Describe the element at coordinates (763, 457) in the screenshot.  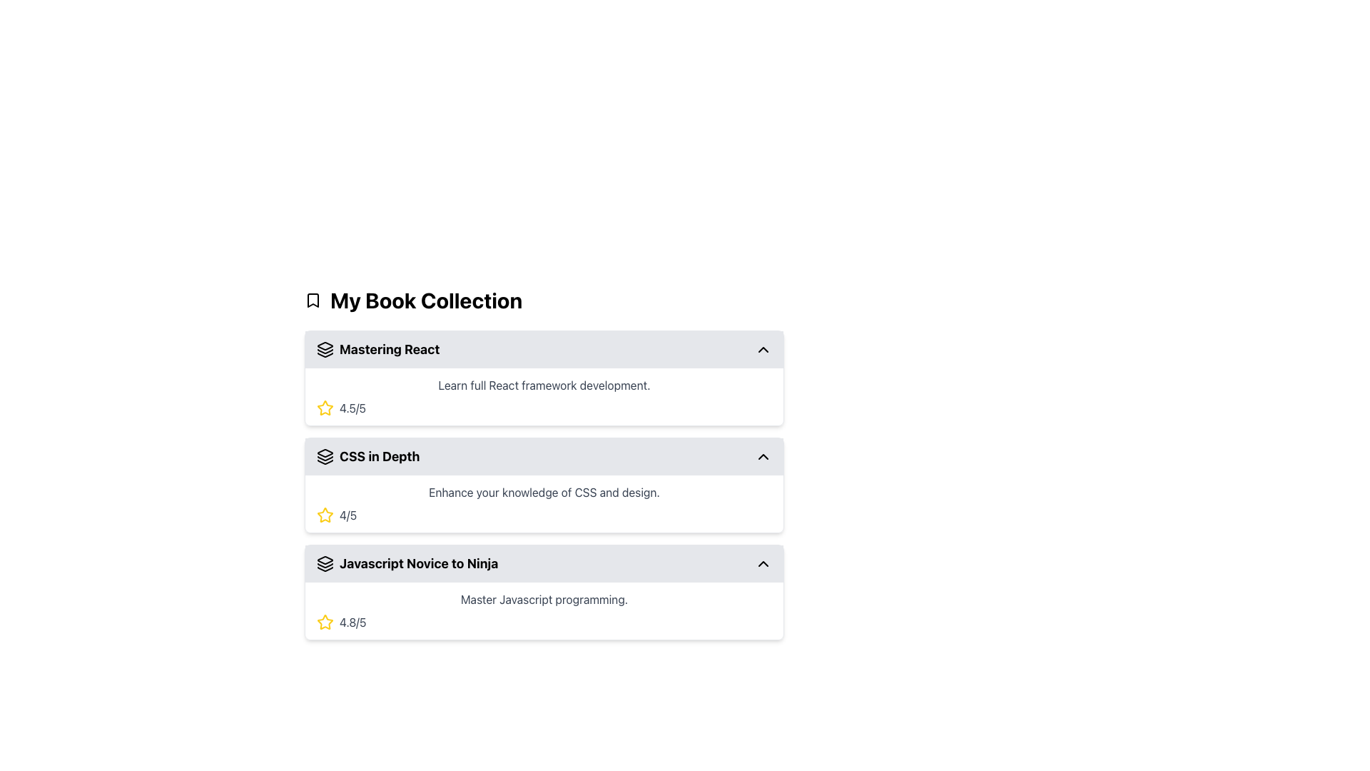
I see `the Chevron Up icon in the header of the 'CSS in Depth' book entry in the 'My Book Collection' section` at that location.